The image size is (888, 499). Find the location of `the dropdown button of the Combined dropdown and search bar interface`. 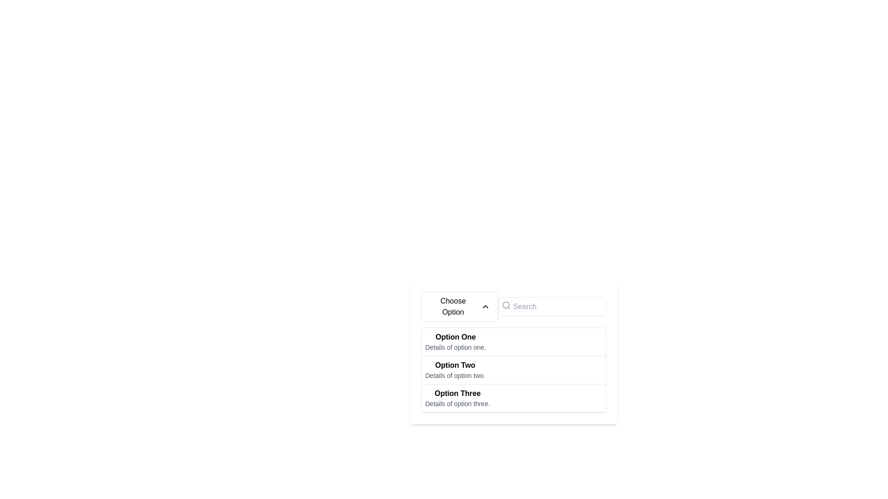

the dropdown button of the Combined dropdown and search bar interface is located at coordinates (513, 306).